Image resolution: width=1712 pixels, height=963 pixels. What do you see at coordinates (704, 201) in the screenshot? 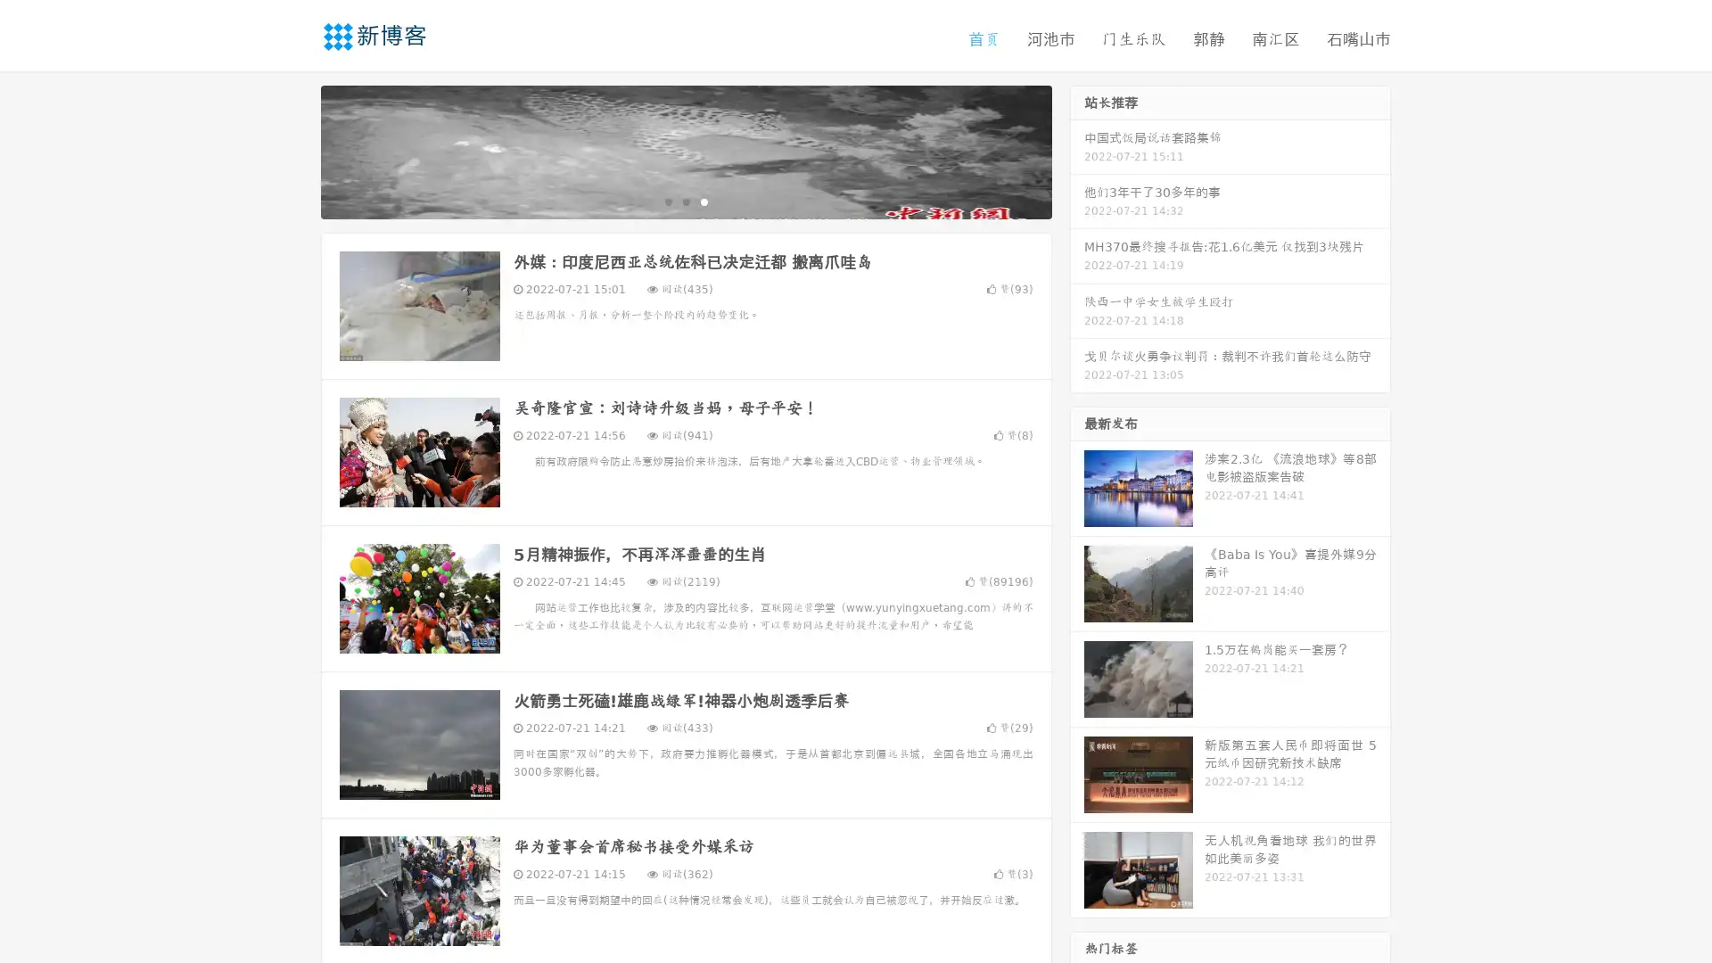
I see `Go to slide 3` at bounding box center [704, 201].